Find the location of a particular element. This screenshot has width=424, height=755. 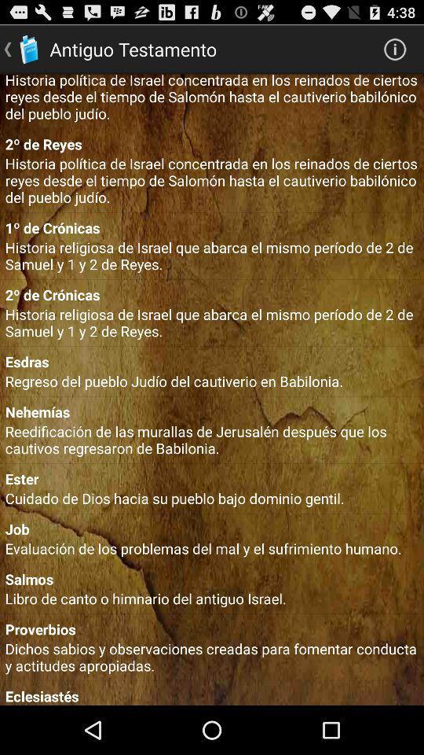

the icon to the right of antiguo testamento is located at coordinates (394, 49).